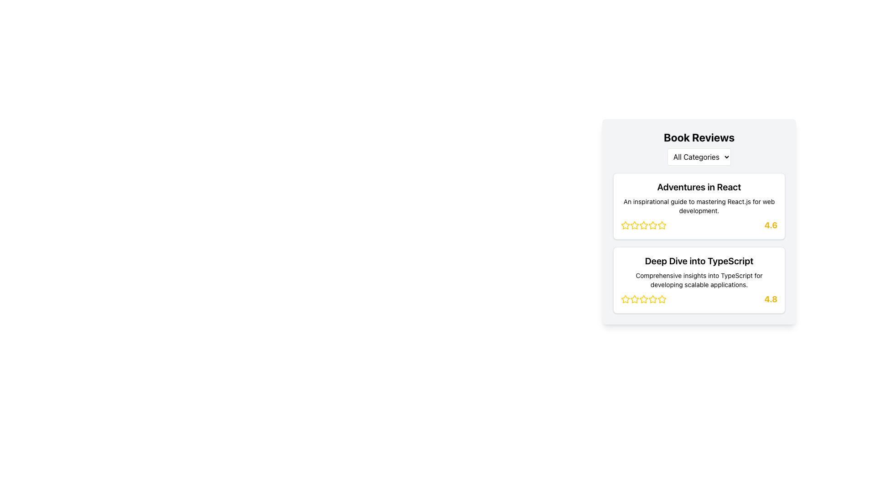 This screenshot has height=493, width=876. What do you see at coordinates (634, 299) in the screenshot?
I see `the third star` at bounding box center [634, 299].